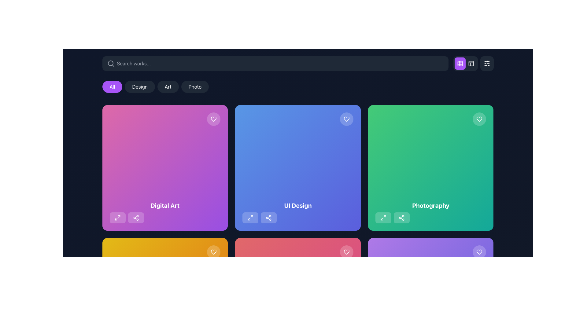  I want to click on the heart icon in the SVG graphic located in the top-right corner of the 'UI Design' card, so click(346, 119).